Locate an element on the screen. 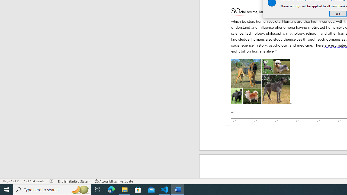 The width and height of the screenshot is (347, 195). 'Page Number Page 1 of 2' is located at coordinates (11, 181).